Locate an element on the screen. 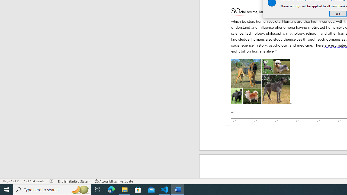 The width and height of the screenshot is (347, 195). 'Page Number Page 1 of 2' is located at coordinates (11, 181).